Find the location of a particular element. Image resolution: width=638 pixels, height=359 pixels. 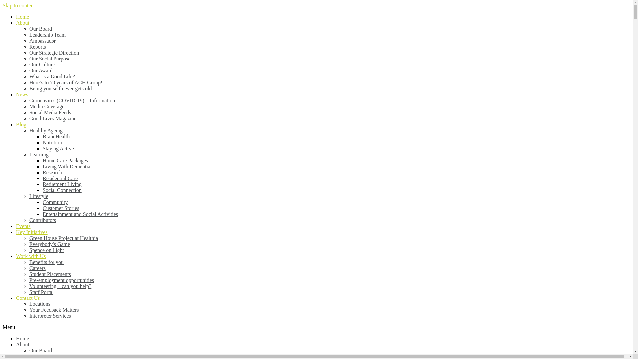

'Nutrition' is located at coordinates (52, 142).